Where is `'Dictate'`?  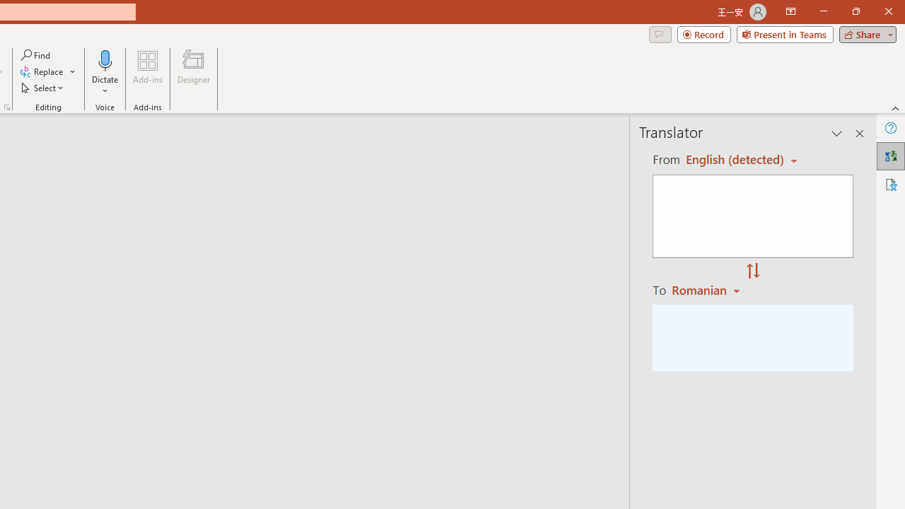
'Dictate' is located at coordinates (105, 73).